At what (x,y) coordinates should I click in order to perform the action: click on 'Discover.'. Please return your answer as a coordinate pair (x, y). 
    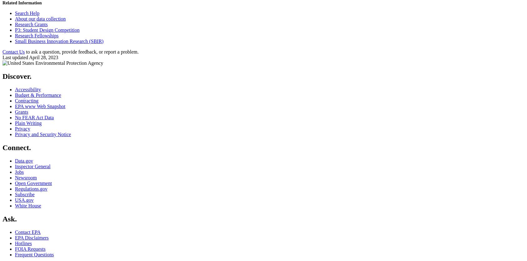
    Looking at the image, I should click on (17, 76).